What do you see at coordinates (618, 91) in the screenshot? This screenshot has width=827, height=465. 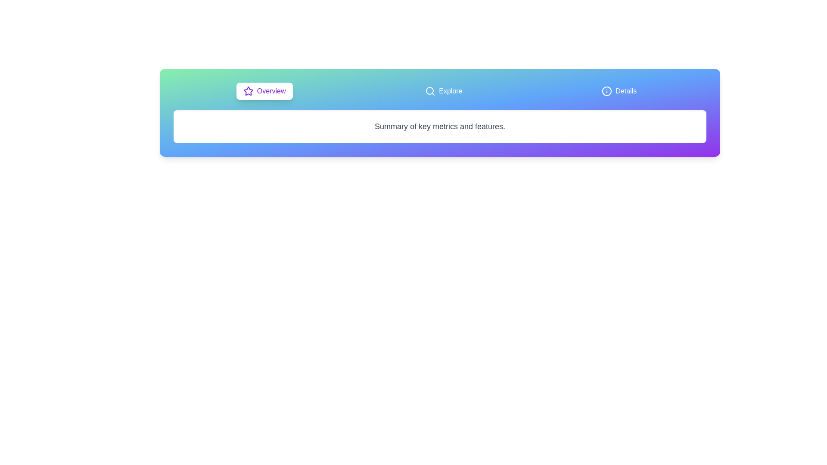 I see `the Details tab to display its content` at bounding box center [618, 91].